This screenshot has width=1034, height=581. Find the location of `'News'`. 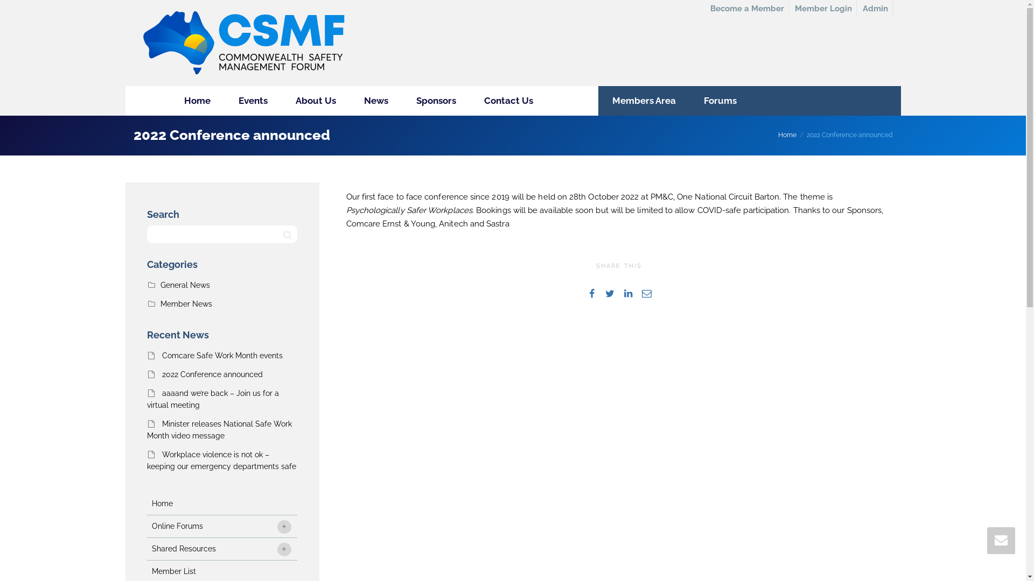

'News' is located at coordinates (376, 101).